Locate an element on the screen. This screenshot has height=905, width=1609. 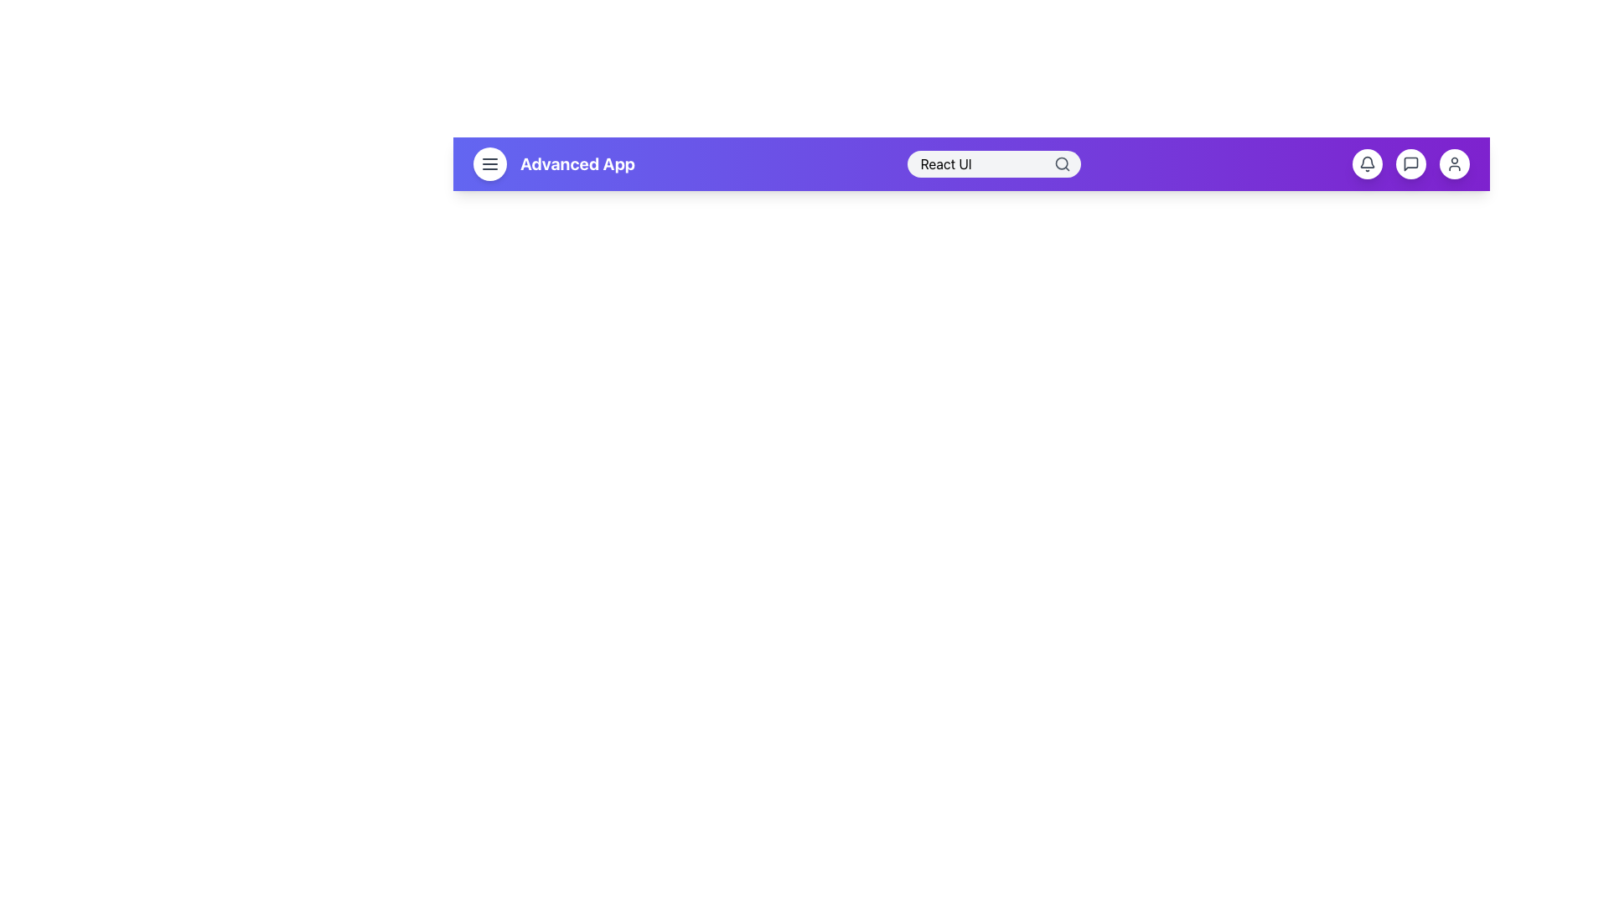
the notification button located in the top-right section of the interface is located at coordinates (1368, 164).